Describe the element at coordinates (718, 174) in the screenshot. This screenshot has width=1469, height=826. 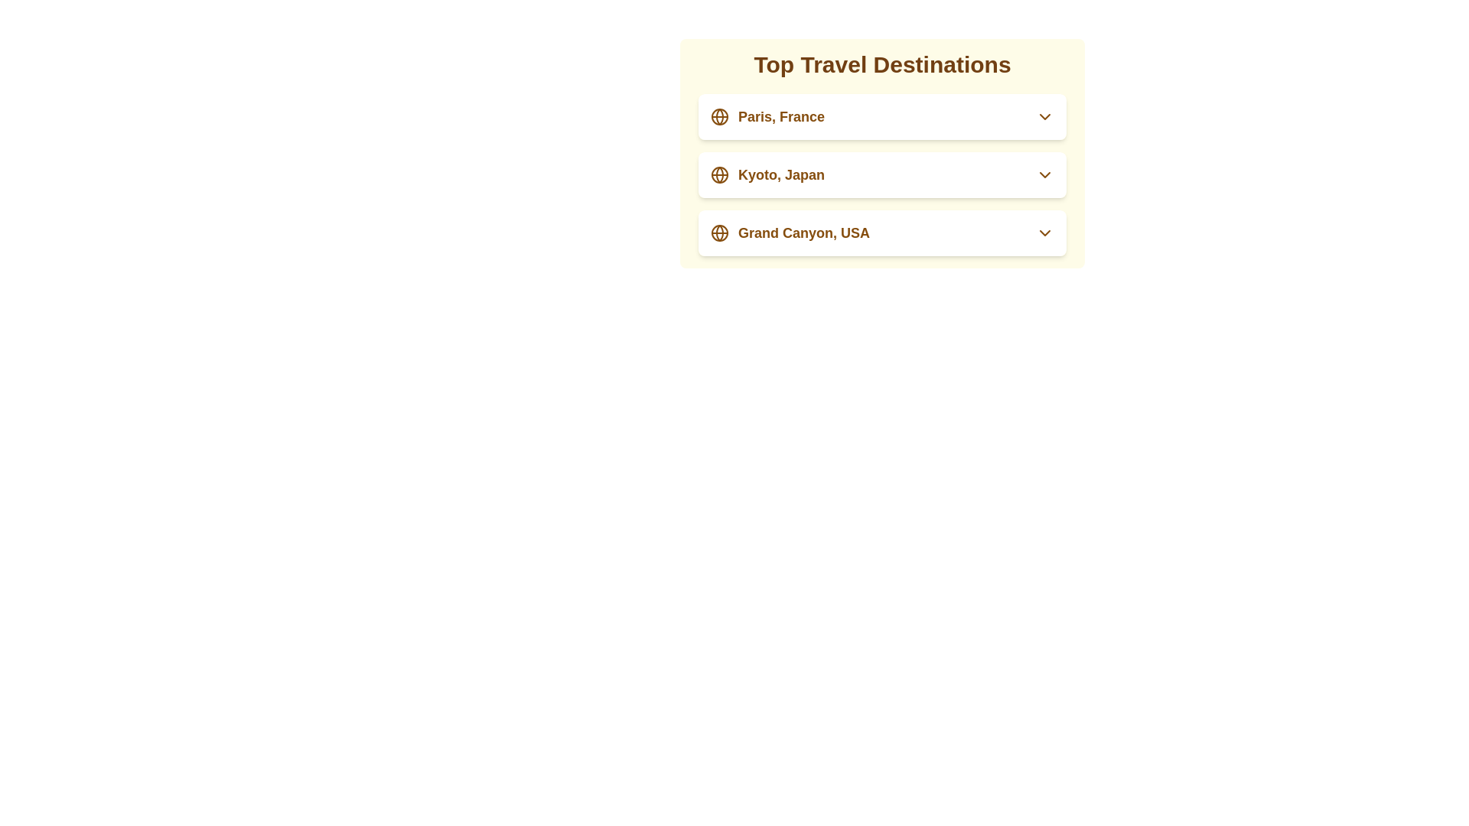
I see `the globe icon, which is brown and located to the left of the text 'Kyoto, Japan' in the list under 'Top Travel Destinations'` at that location.